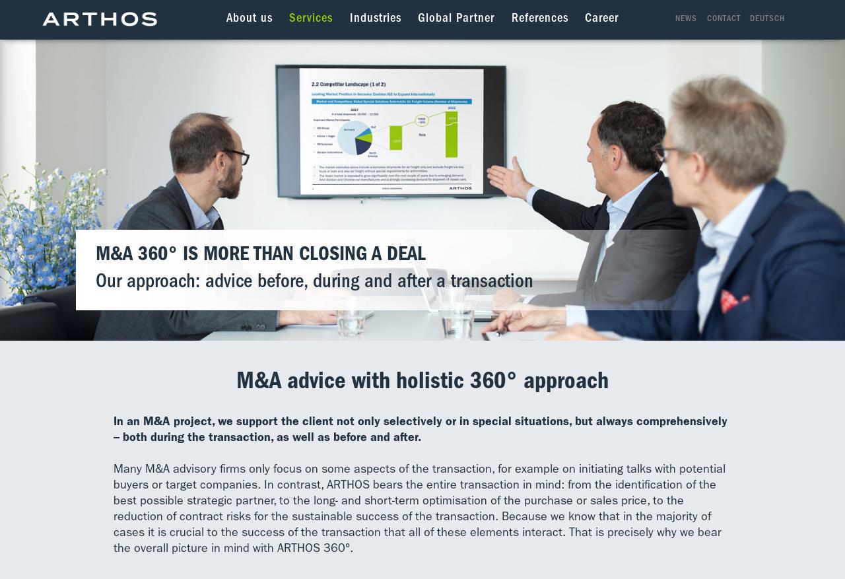  Describe the element at coordinates (374, 18) in the screenshot. I see `'Industries'` at that location.